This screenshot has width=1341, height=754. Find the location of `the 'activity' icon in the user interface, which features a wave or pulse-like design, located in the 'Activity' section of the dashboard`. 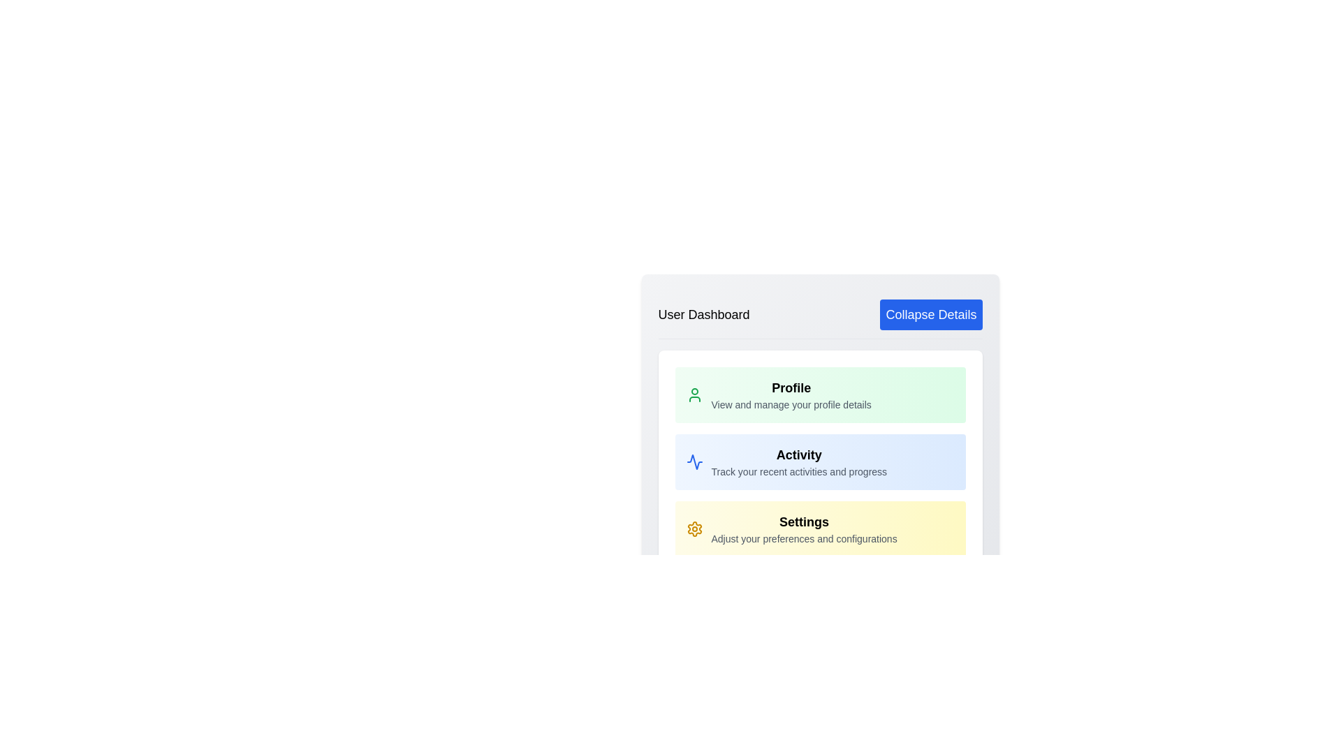

the 'activity' icon in the user interface, which features a wave or pulse-like design, located in the 'Activity' section of the dashboard is located at coordinates (694, 462).